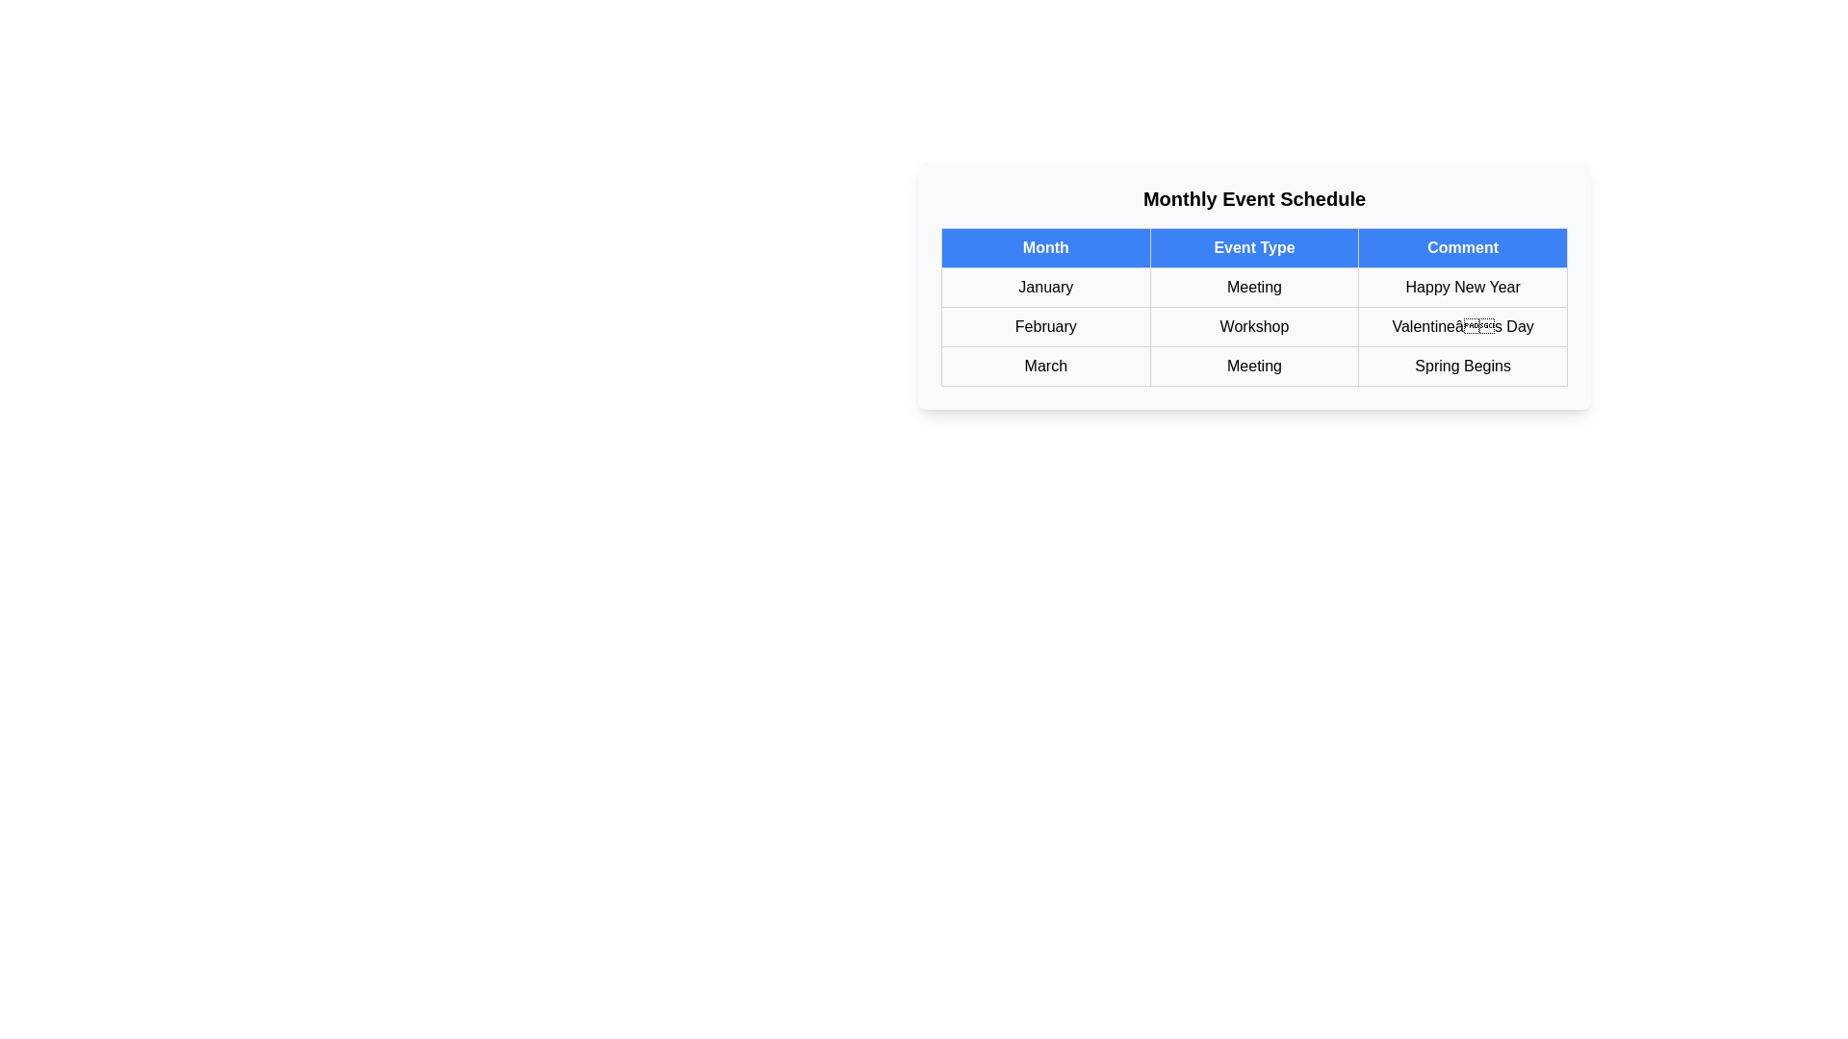 The width and height of the screenshot is (1848, 1039). Describe the element at coordinates (1254, 288) in the screenshot. I see `the row corresponding to January` at that location.